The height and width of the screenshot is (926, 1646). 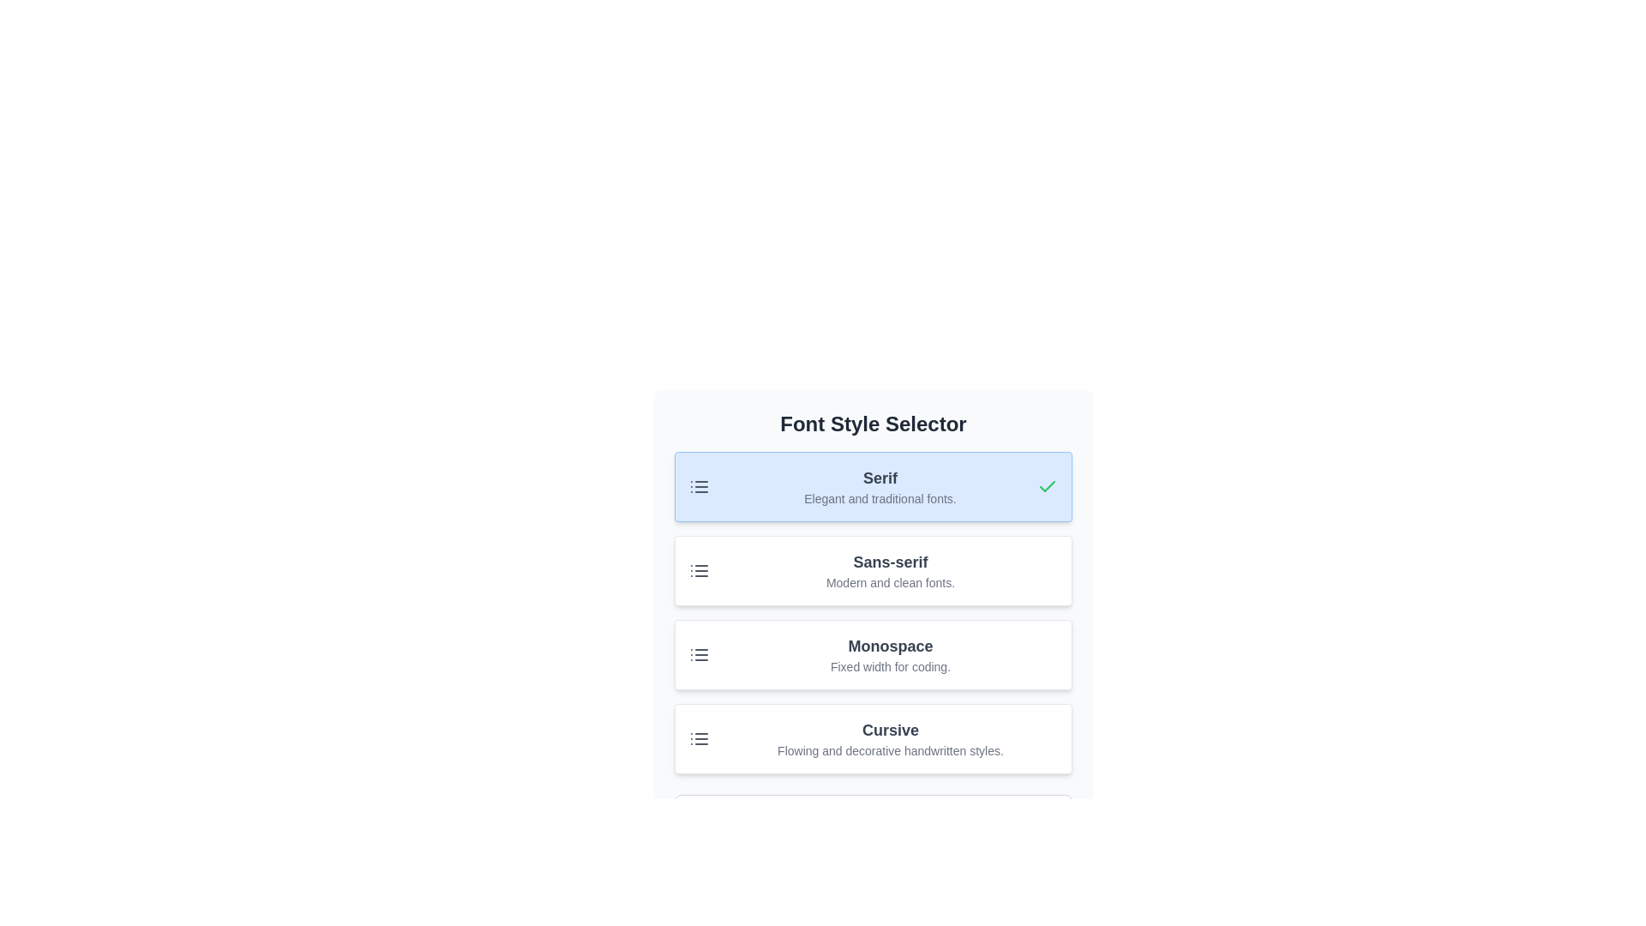 What do you see at coordinates (890, 581) in the screenshot?
I see `the text label stating 'Modern and clean fonts.' located below the bold text 'Sans-serif' in the font selector` at bounding box center [890, 581].